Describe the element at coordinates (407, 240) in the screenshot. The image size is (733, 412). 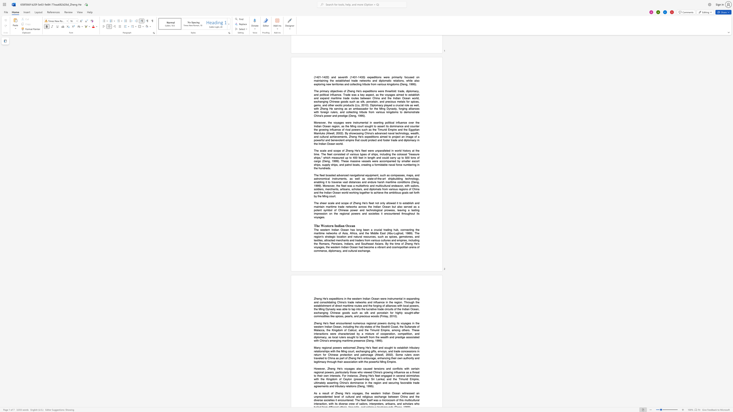
I see `the subset text ", including the Romans, Persians, In" within the text "The western Indian Ocean has long been a crucial trading hub, connecting the maritime networks of Asia, Africa, and the Middle East (Abu-Lughod, 1989). The region"` at that location.